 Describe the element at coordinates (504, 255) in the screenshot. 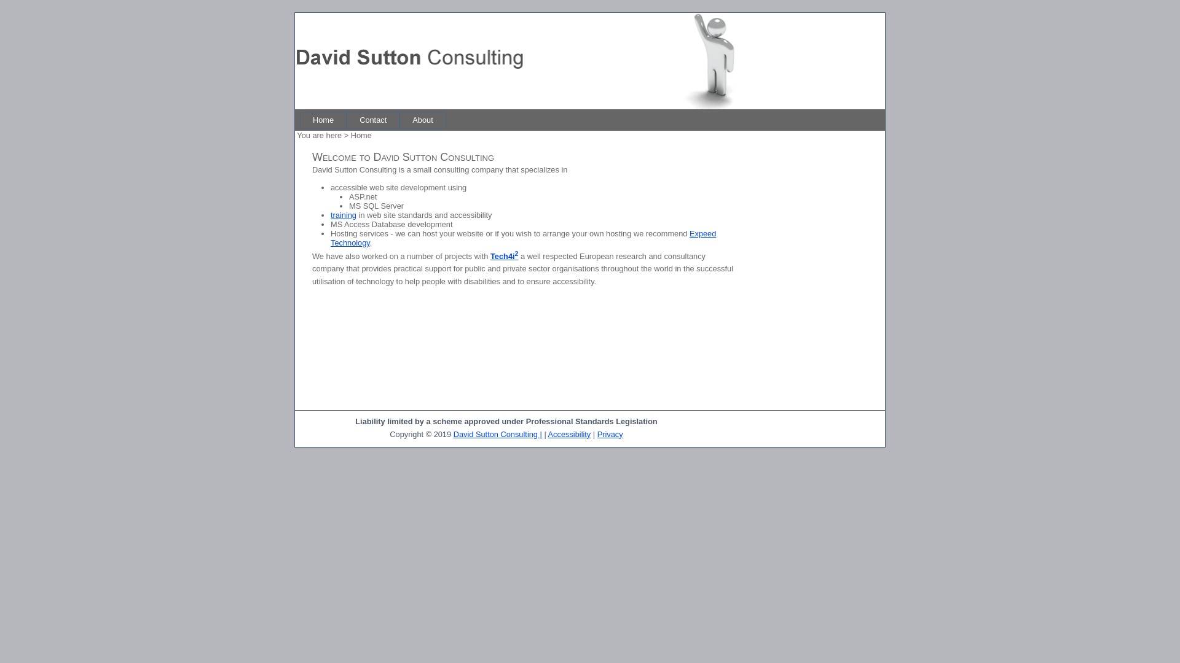

I see `'Tech4i2'` at that location.